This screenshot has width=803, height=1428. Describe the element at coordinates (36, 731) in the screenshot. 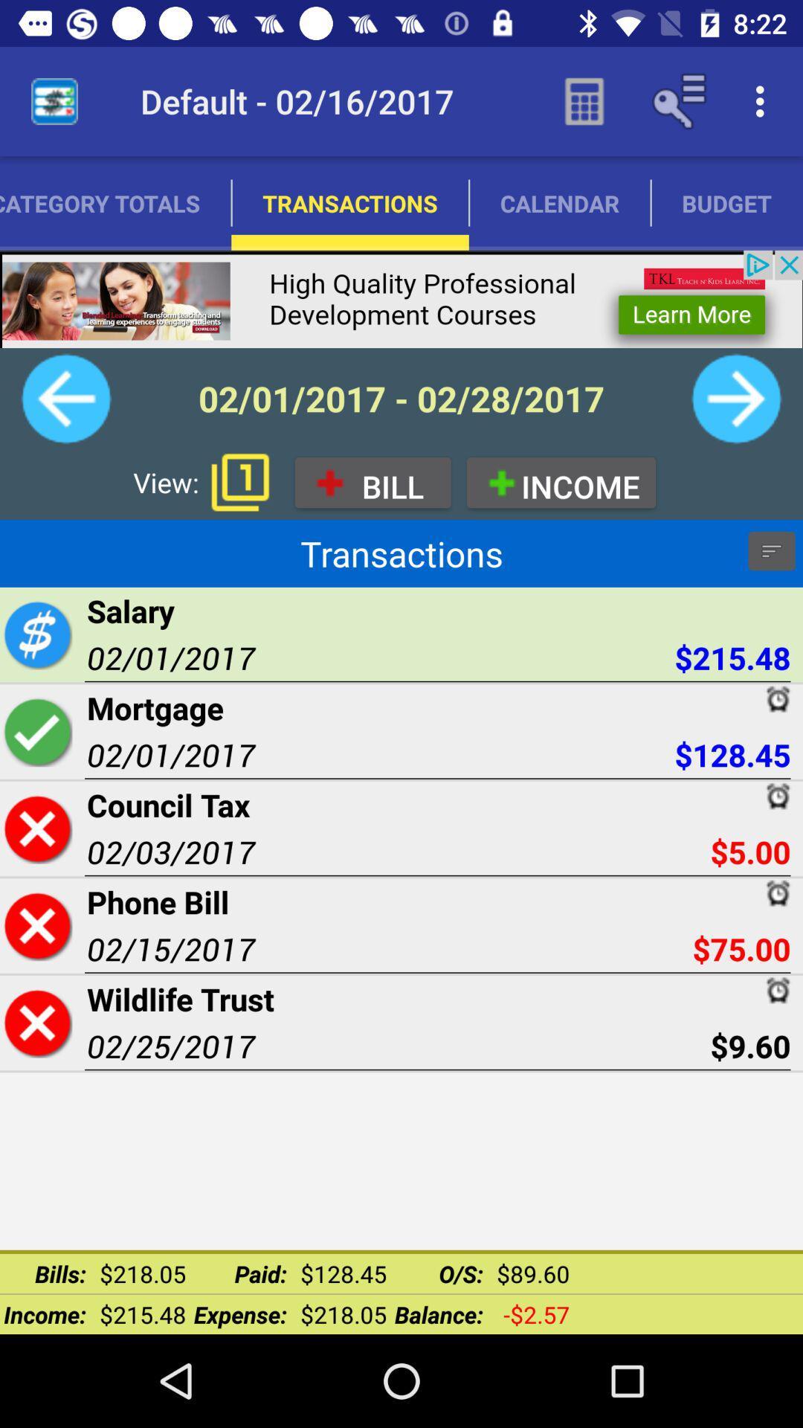

I see `when payment is made` at that location.